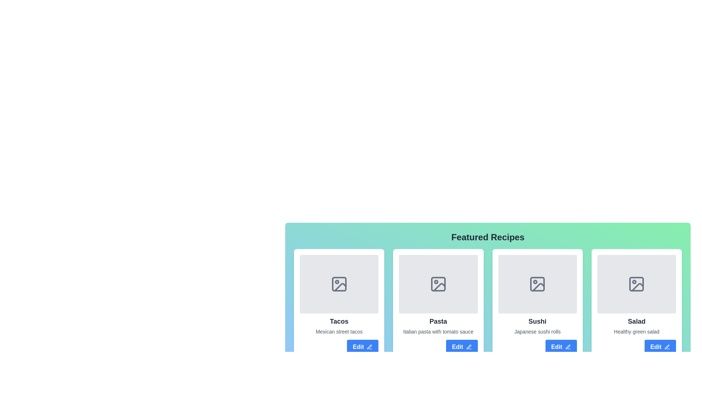 Image resolution: width=702 pixels, height=395 pixels. What do you see at coordinates (339, 346) in the screenshot?
I see `the edit button located at the bottom-right of the card titled 'Tacos'` at bounding box center [339, 346].